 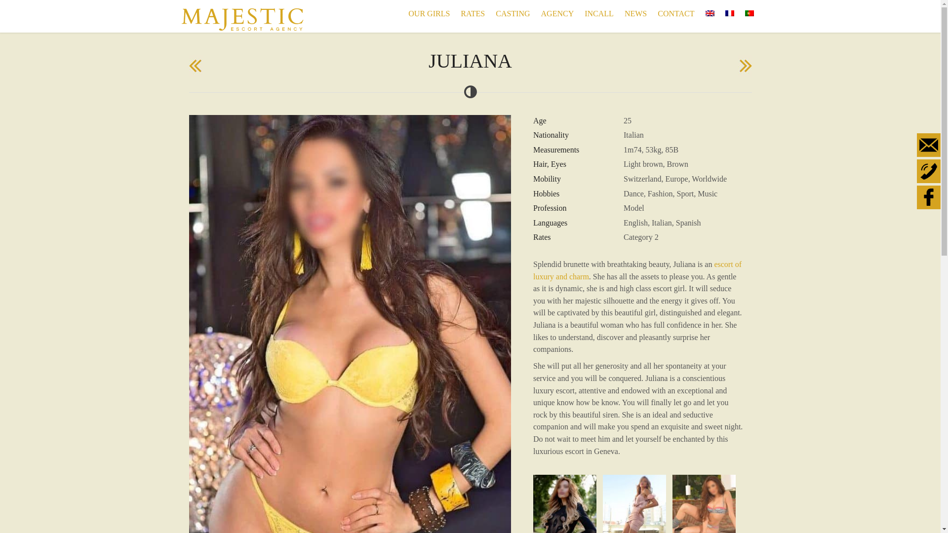 What do you see at coordinates (928, 171) in the screenshot?
I see `'Call : 079 50 149 64'` at bounding box center [928, 171].